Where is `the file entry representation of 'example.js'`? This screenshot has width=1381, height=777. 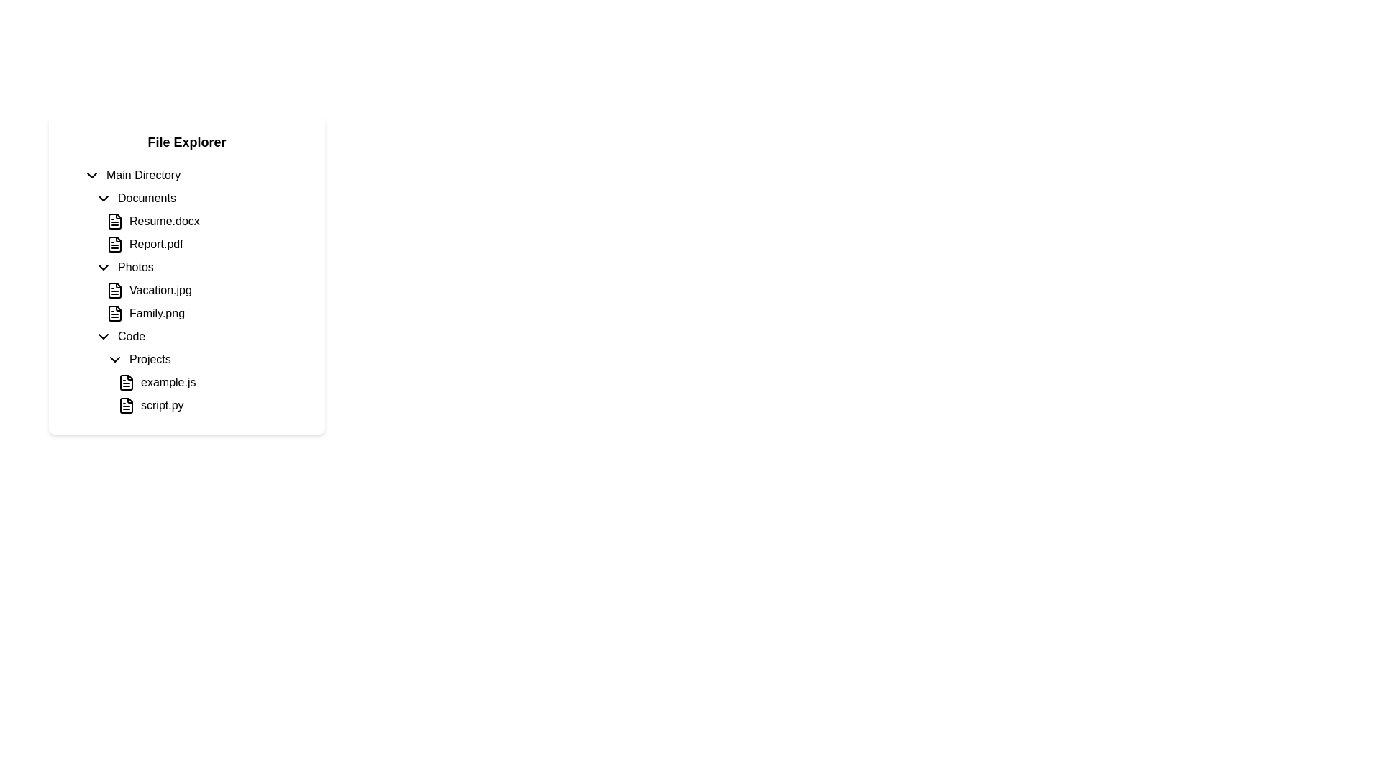 the file entry representation of 'example.js' is located at coordinates (197, 382).